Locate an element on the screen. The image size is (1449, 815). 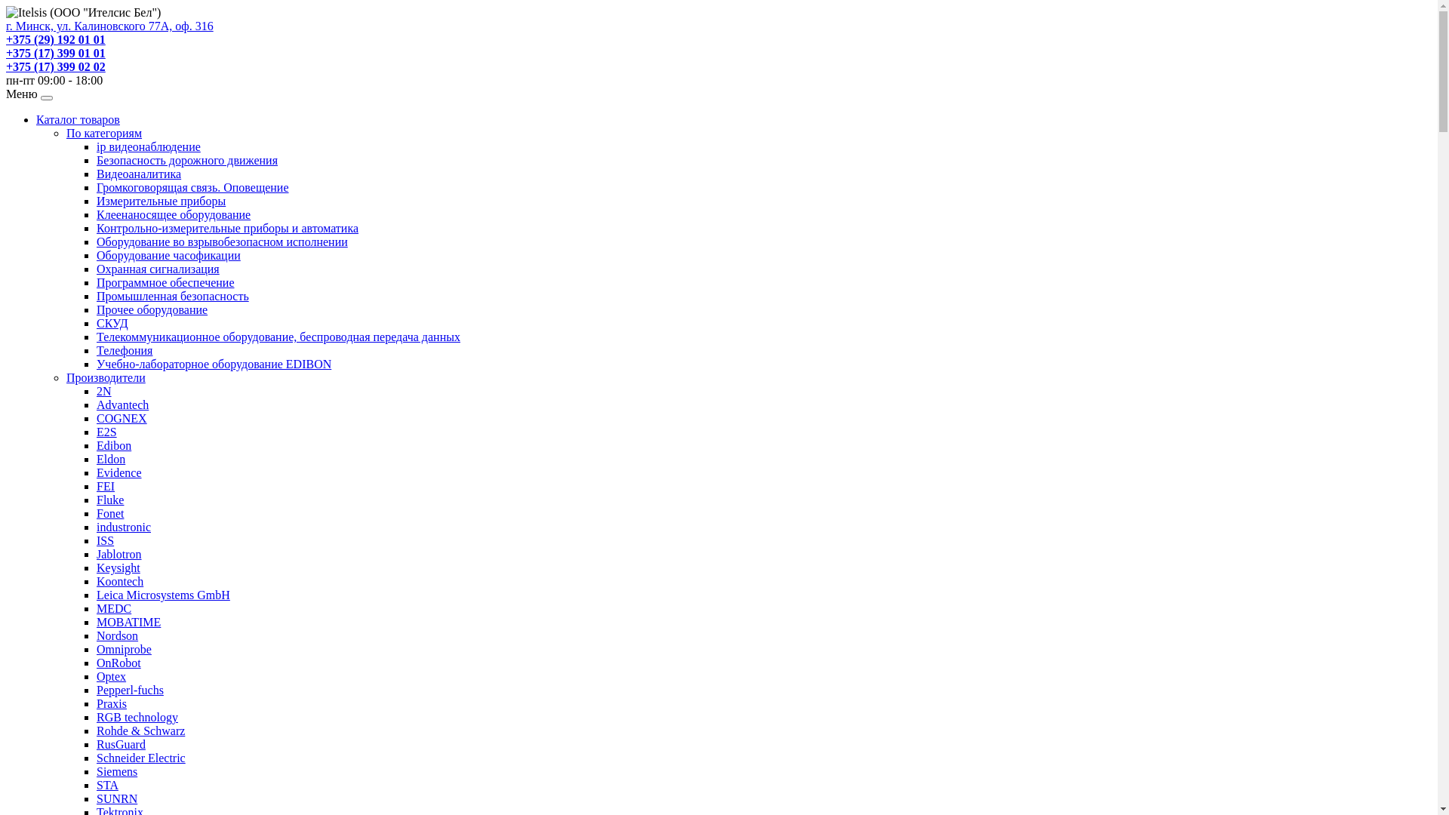
'Jablotron' is located at coordinates (118, 554).